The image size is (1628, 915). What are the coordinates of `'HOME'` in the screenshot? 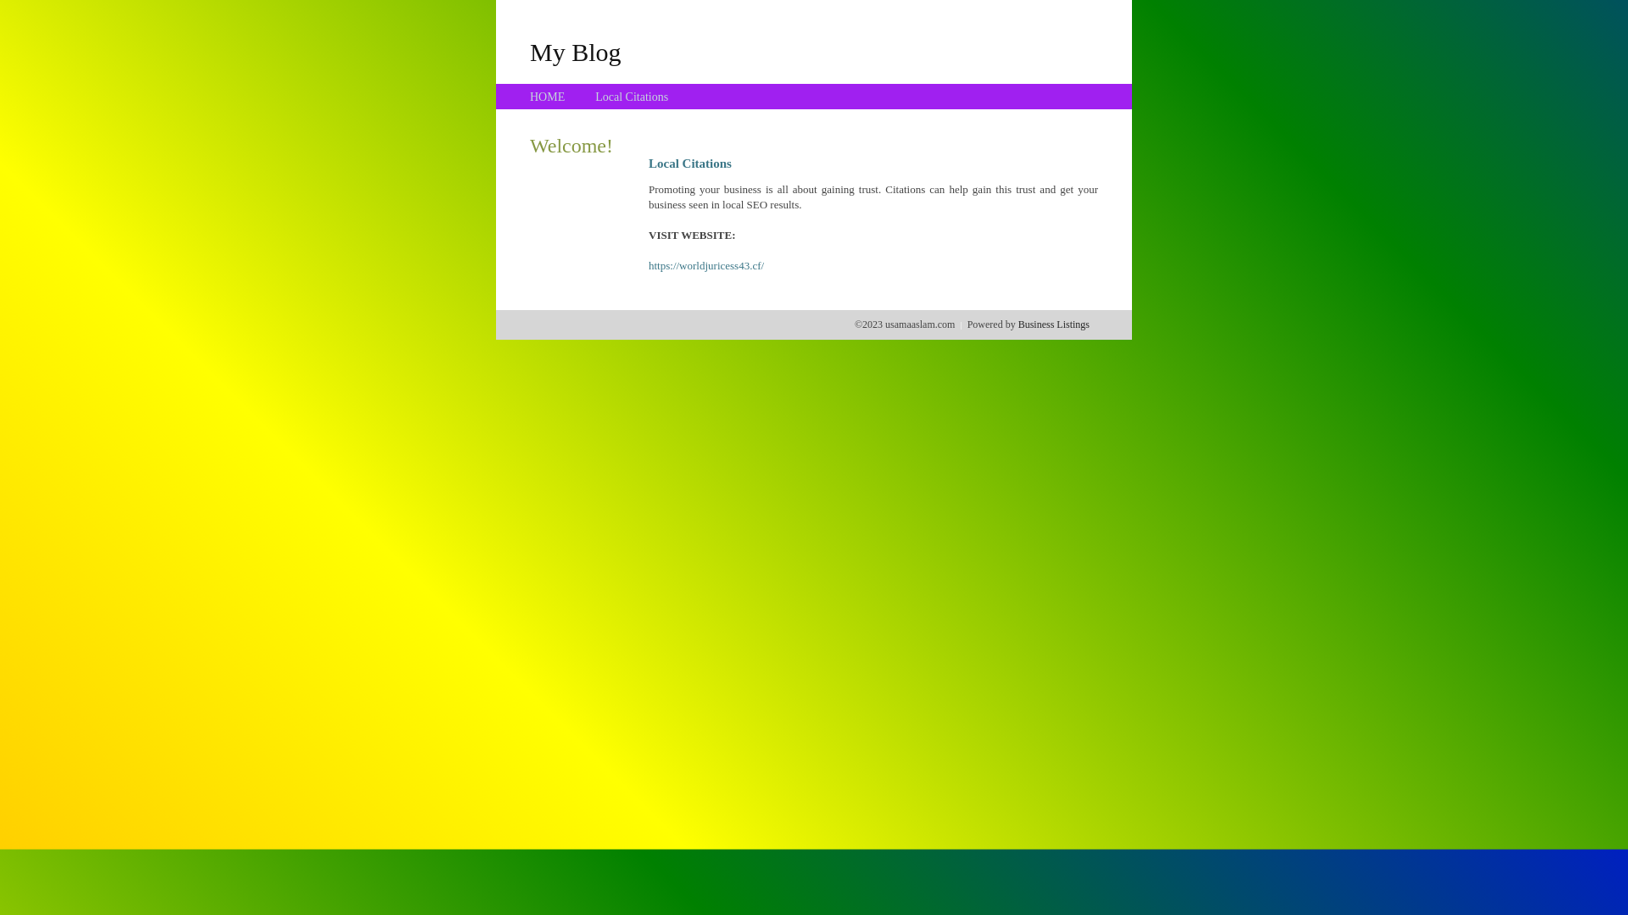 It's located at (528, 97).